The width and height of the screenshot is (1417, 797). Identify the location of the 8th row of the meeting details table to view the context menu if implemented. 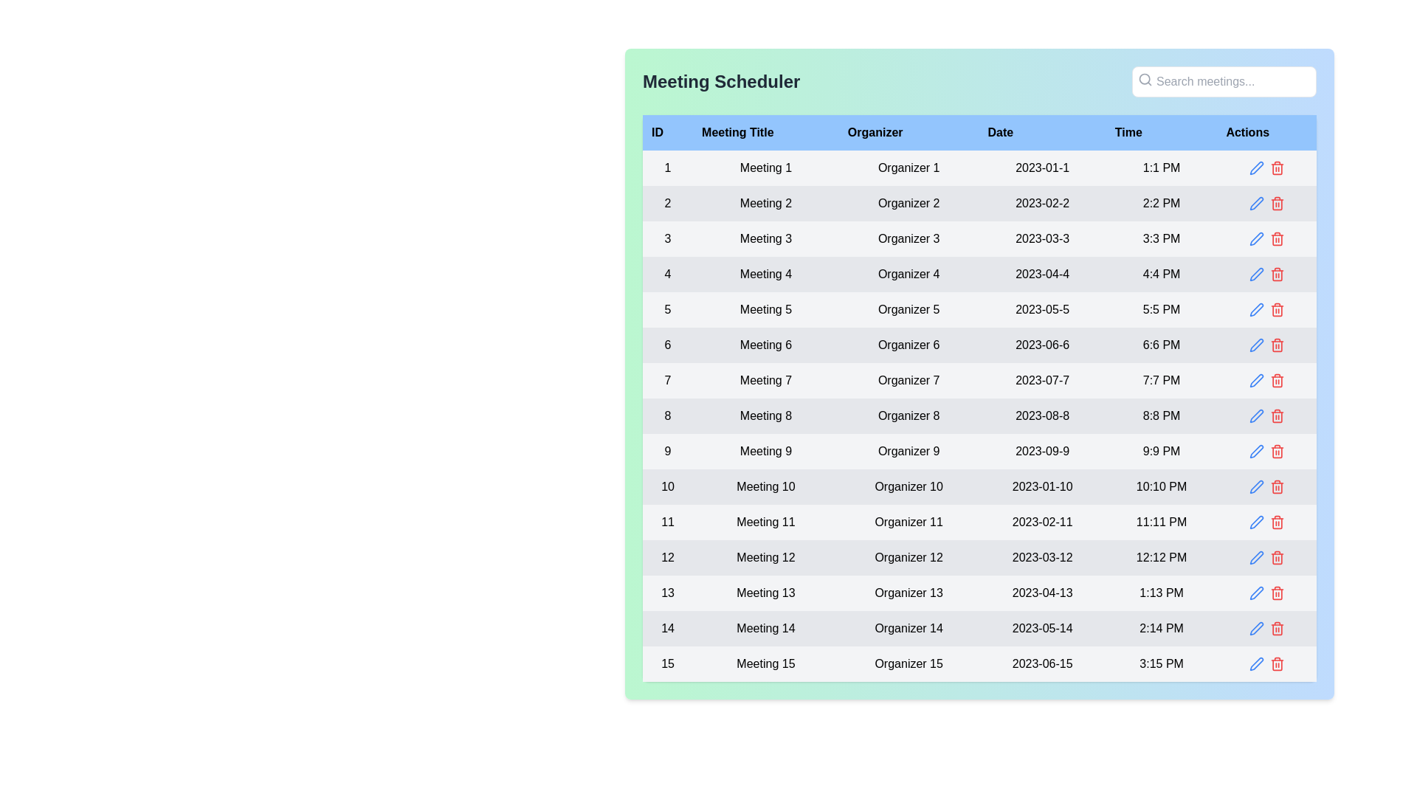
(979, 415).